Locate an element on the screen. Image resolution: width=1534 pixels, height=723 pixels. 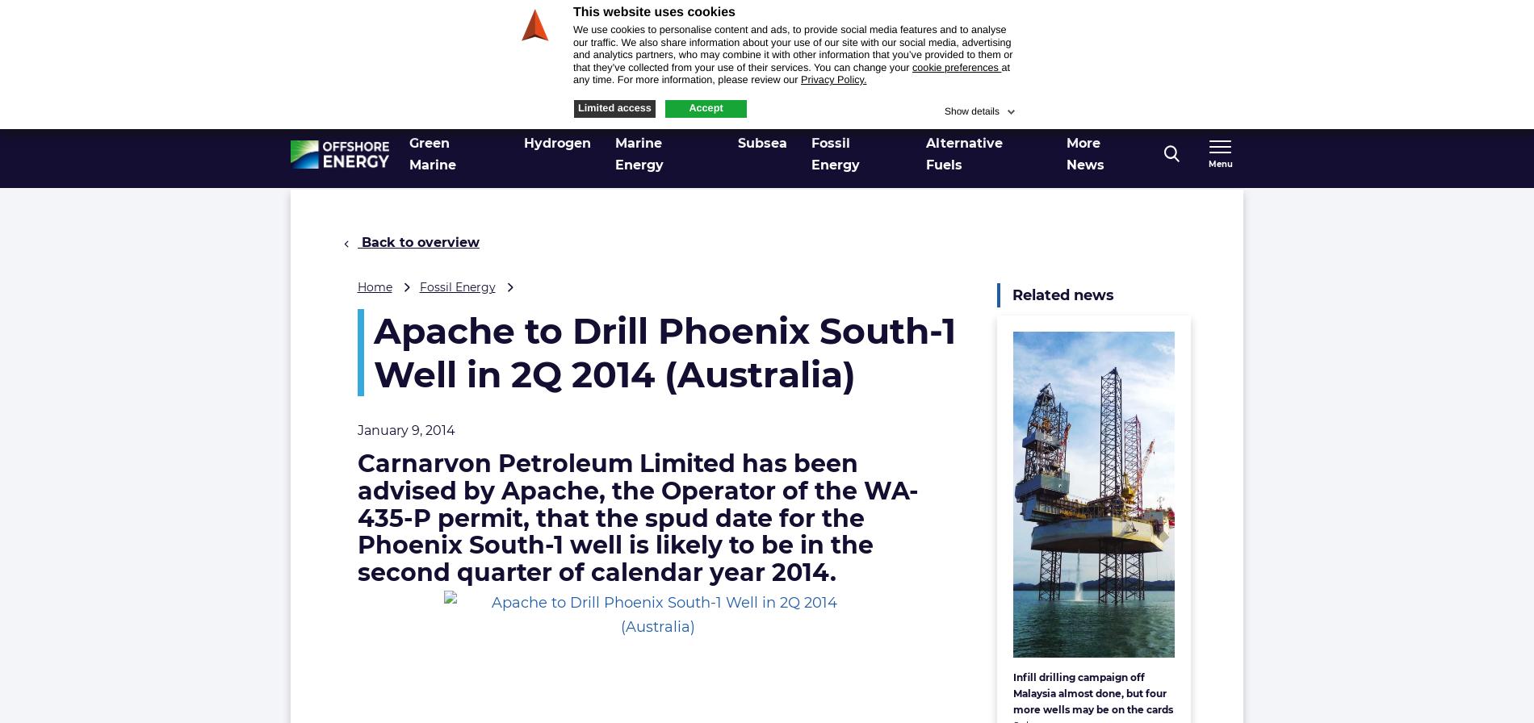
'OEEC 2023' is located at coordinates (1109, 105).